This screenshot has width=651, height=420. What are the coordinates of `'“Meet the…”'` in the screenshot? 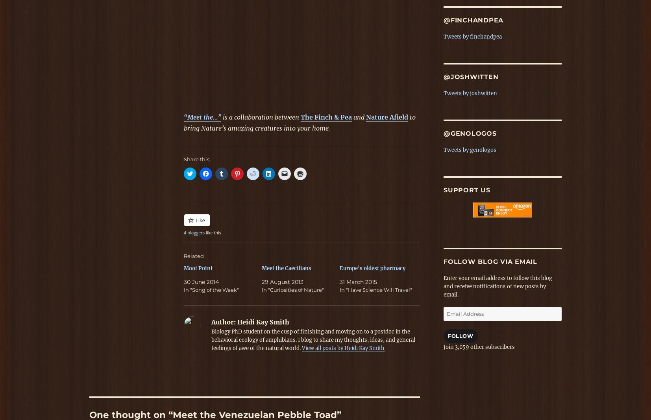 It's located at (183, 116).